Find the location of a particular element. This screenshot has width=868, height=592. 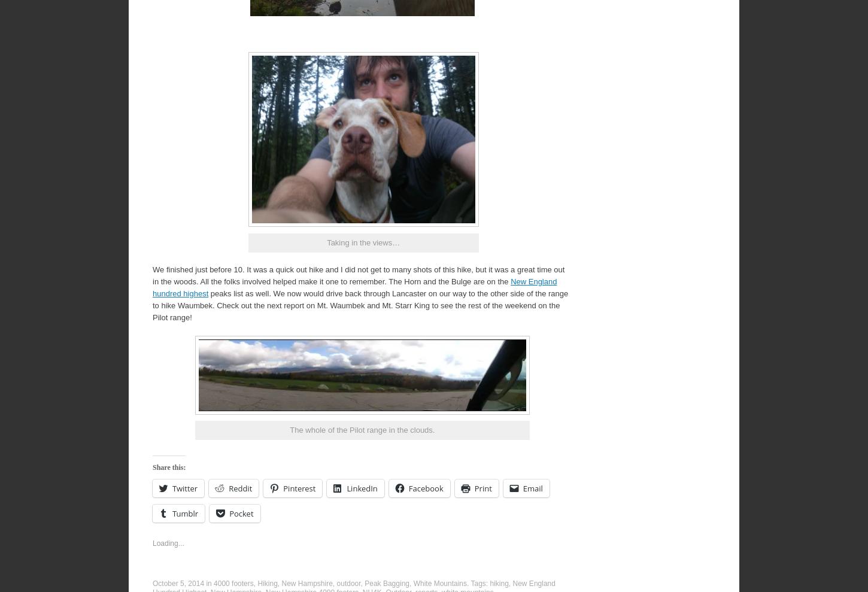

'New England hundred highest' is located at coordinates (354, 287).